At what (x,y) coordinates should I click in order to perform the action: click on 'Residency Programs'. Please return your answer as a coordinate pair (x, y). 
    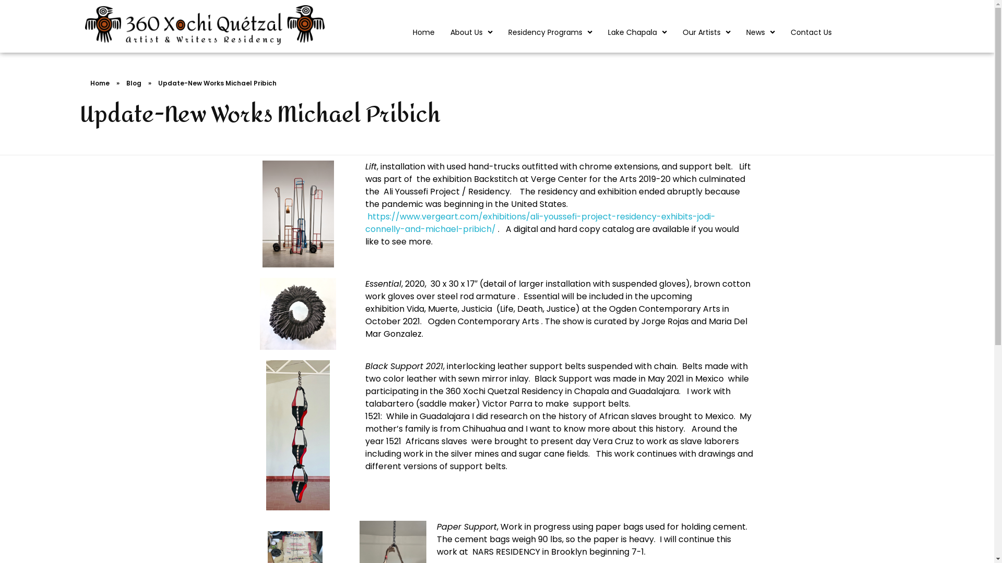
    Looking at the image, I should click on (550, 31).